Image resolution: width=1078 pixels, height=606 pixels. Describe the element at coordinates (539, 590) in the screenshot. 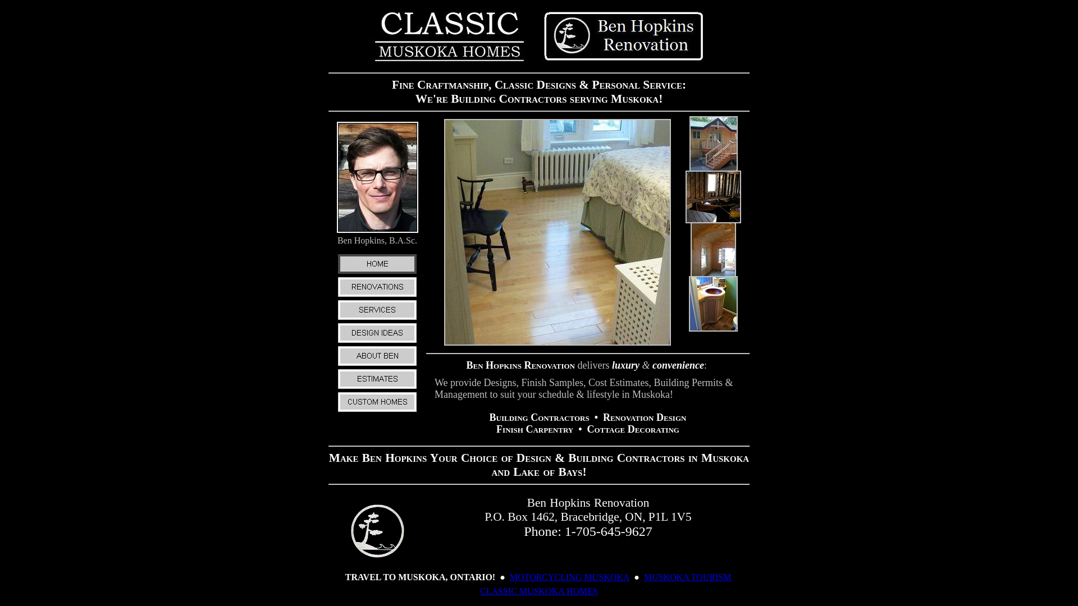

I see `'CLASSIC MUSKOKA HOMES'` at that location.